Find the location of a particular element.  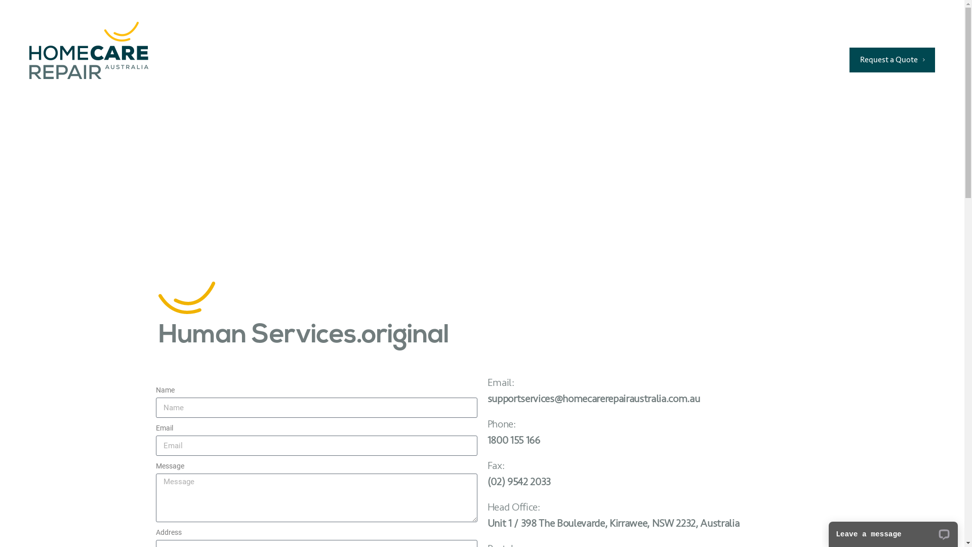

'Services' is located at coordinates (437, 59).